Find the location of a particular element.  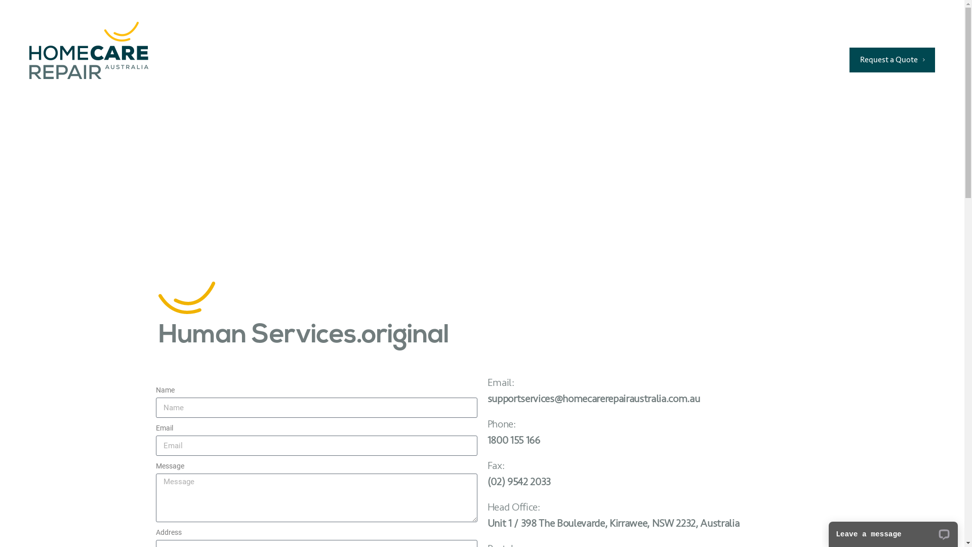

'Services' is located at coordinates (437, 59).